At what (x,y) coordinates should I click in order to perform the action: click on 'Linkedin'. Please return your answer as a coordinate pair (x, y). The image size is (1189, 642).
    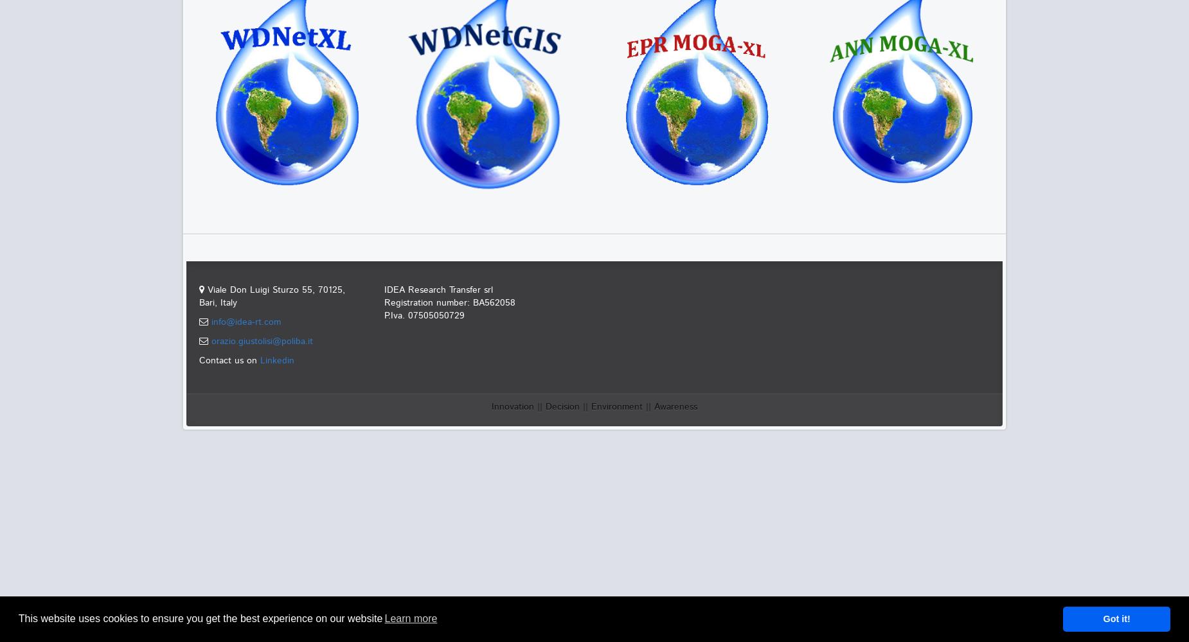
    Looking at the image, I should click on (259, 361).